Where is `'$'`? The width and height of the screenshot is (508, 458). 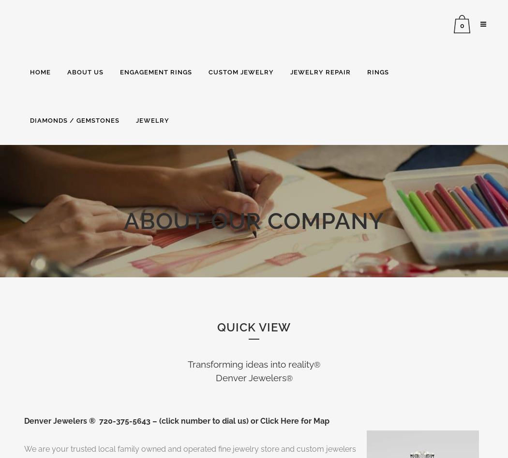
'$' is located at coordinates (453, 73).